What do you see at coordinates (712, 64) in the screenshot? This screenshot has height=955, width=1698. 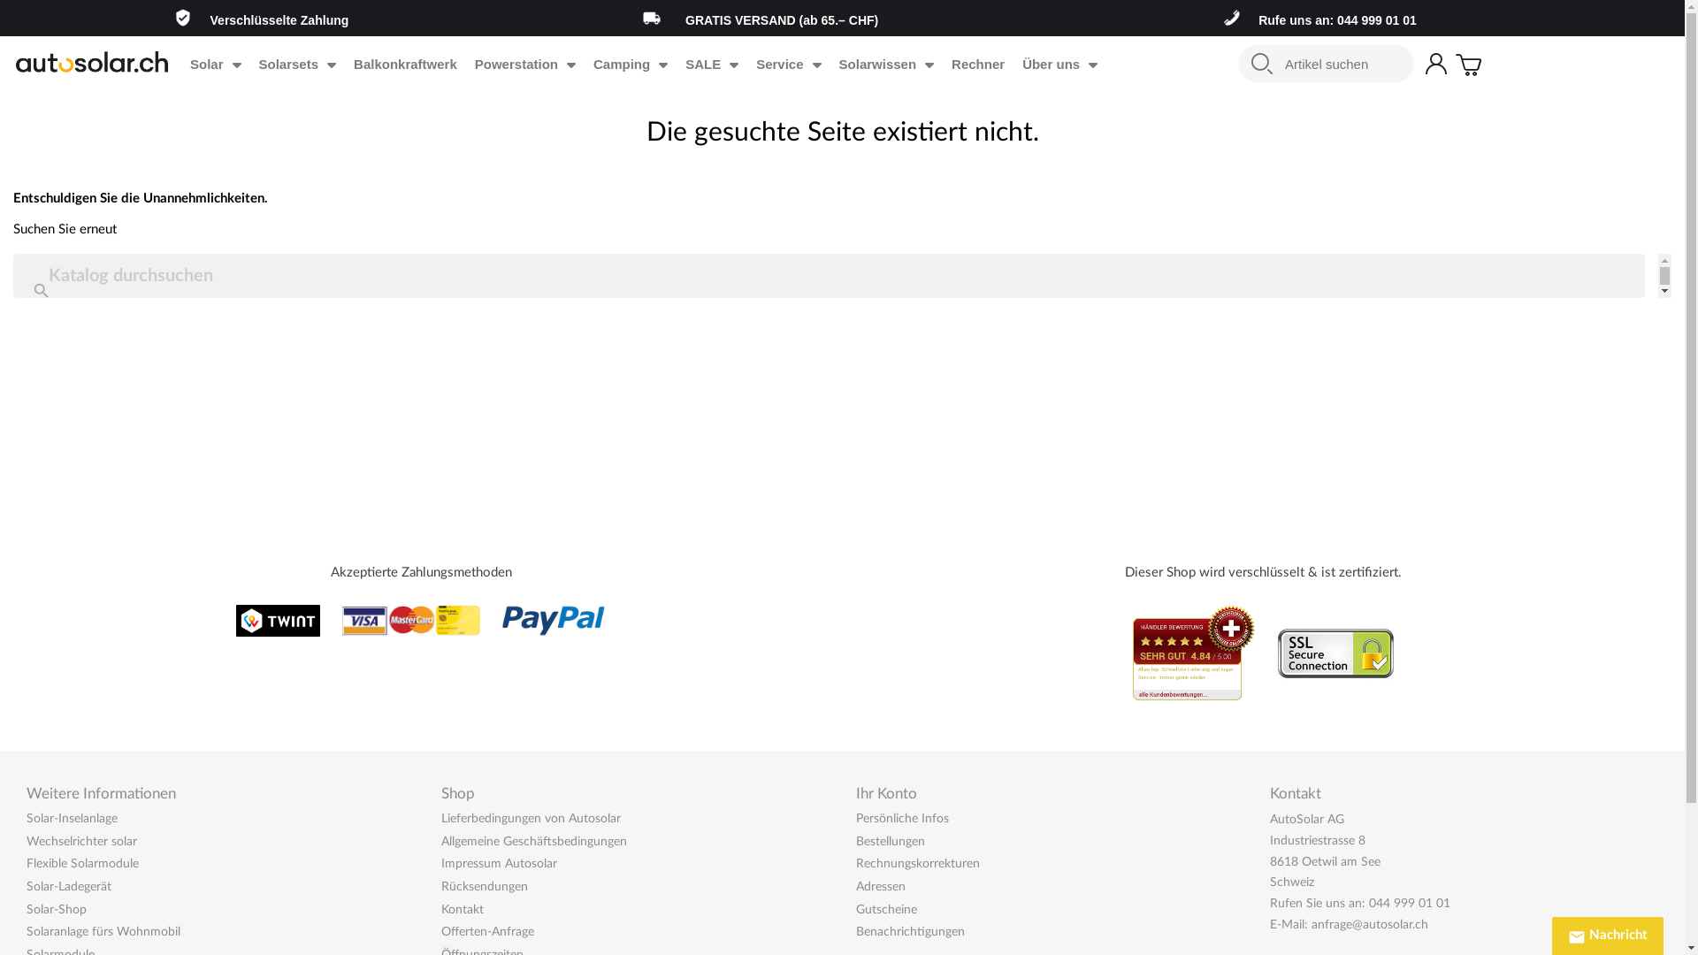 I see `'SALE'` at bounding box center [712, 64].